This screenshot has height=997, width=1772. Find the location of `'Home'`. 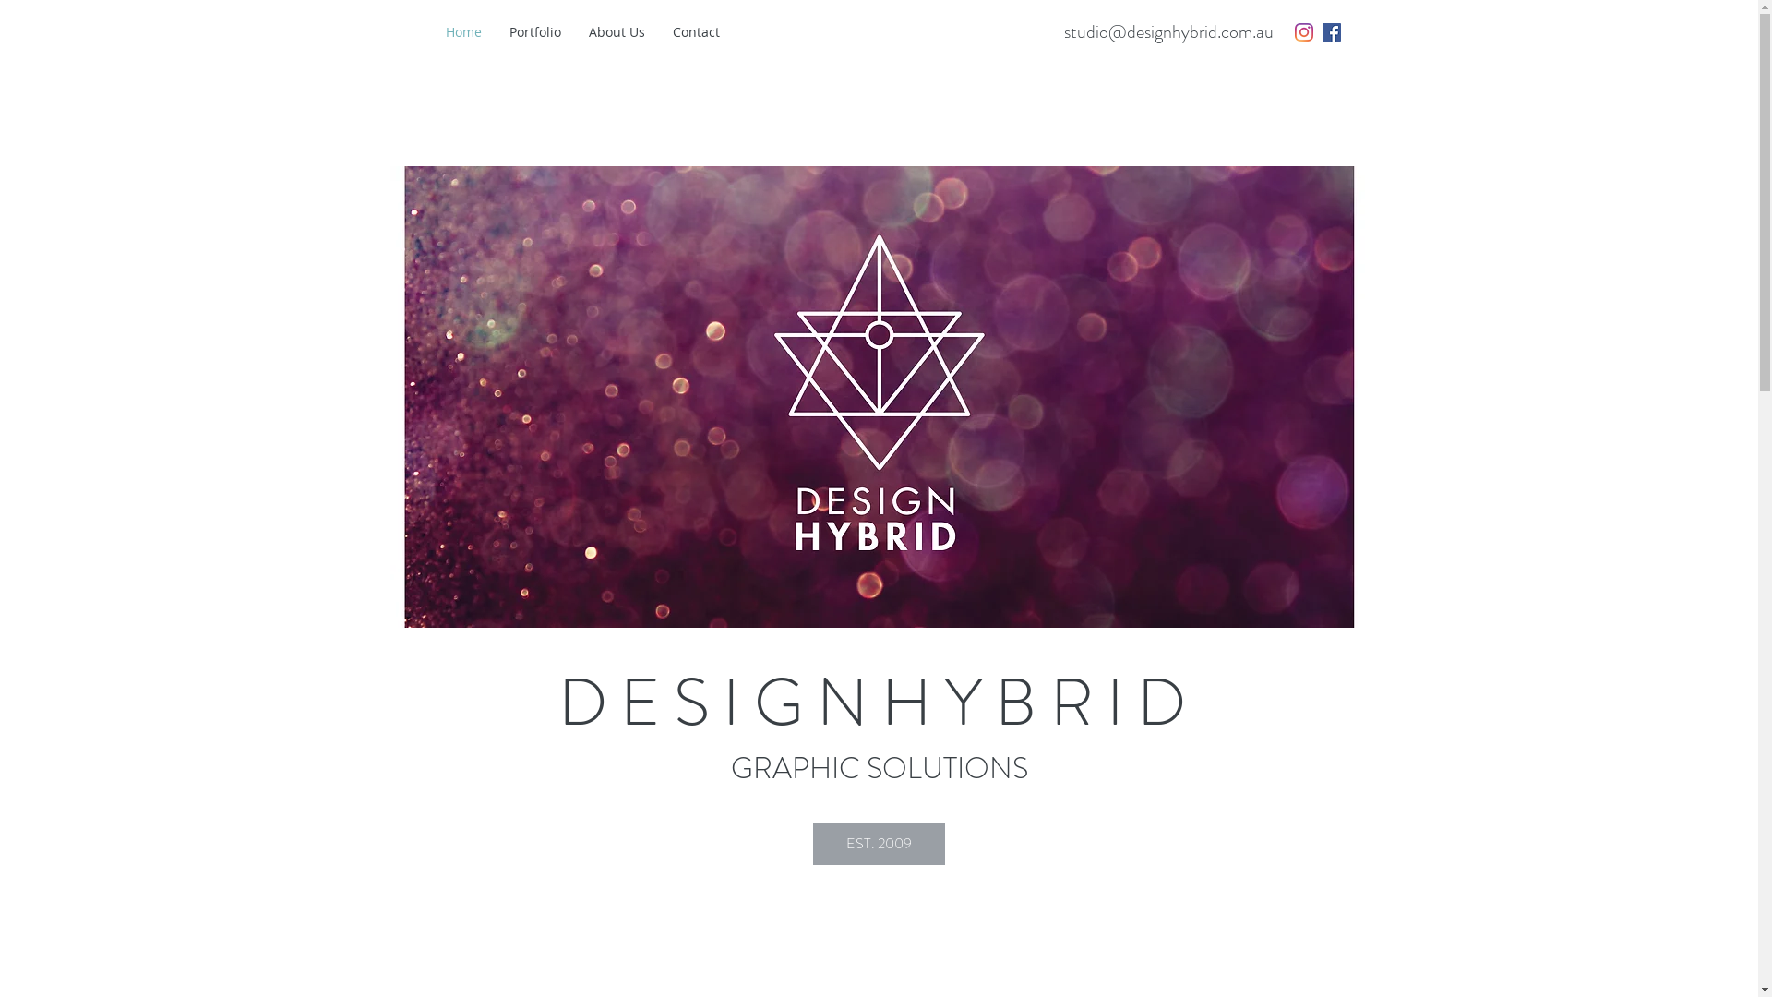

'Home' is located at coordinates (463, 31).